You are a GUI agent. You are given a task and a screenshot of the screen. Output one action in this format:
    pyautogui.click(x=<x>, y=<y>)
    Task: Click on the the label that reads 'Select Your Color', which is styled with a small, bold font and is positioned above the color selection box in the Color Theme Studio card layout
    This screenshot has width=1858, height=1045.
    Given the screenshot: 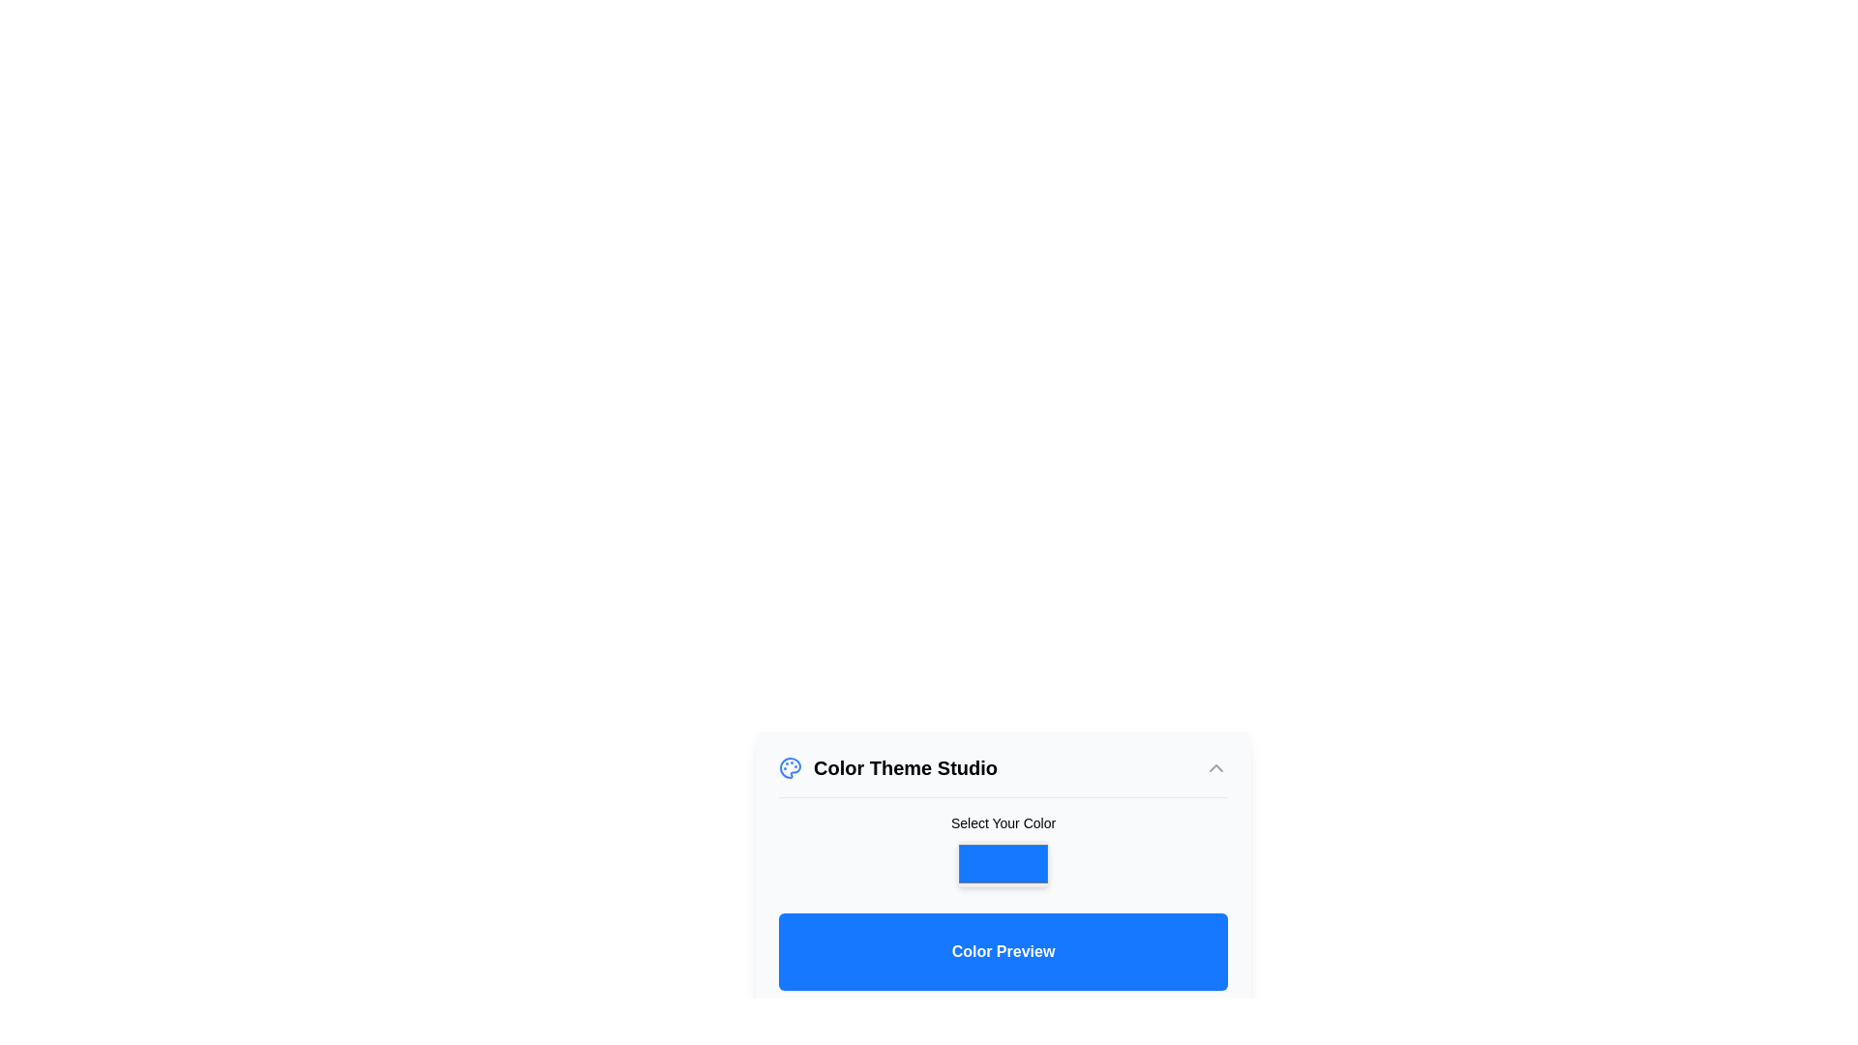 What is the action you would take?
    pyautogui.click(x=1003, y=823)
    